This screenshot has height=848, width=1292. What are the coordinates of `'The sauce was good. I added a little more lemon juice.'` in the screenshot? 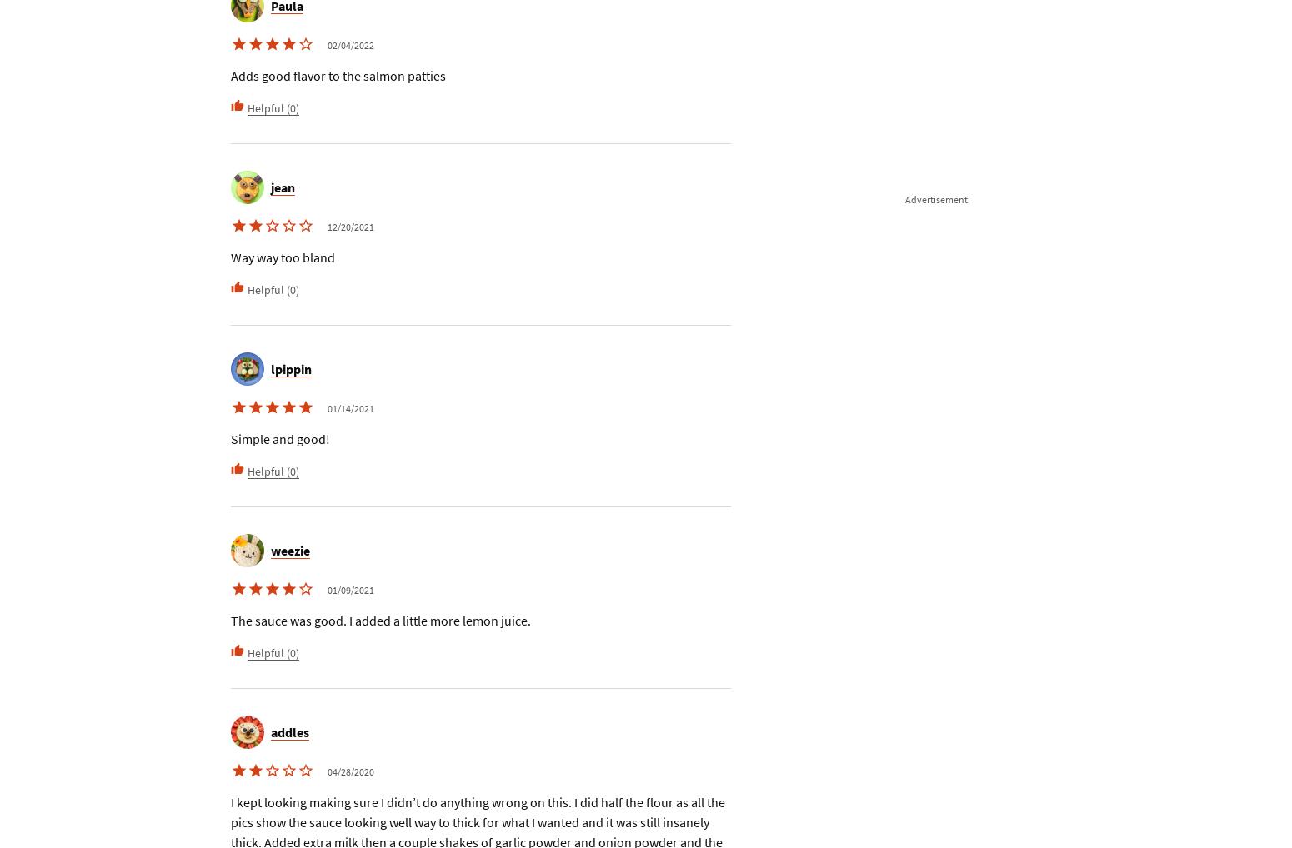 It's located at (380, 619).